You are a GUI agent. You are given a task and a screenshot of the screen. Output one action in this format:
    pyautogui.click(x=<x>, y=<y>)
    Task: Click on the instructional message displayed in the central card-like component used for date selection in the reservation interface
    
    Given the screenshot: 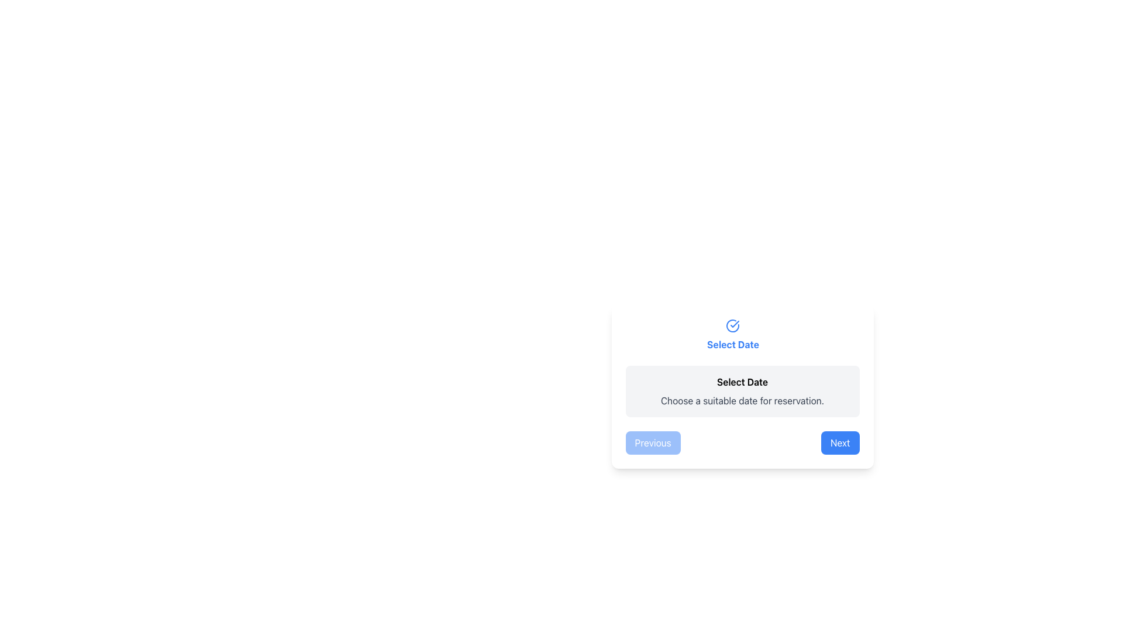 What is the action you would take?
    pyautogui.click(x=742, y=386)
    